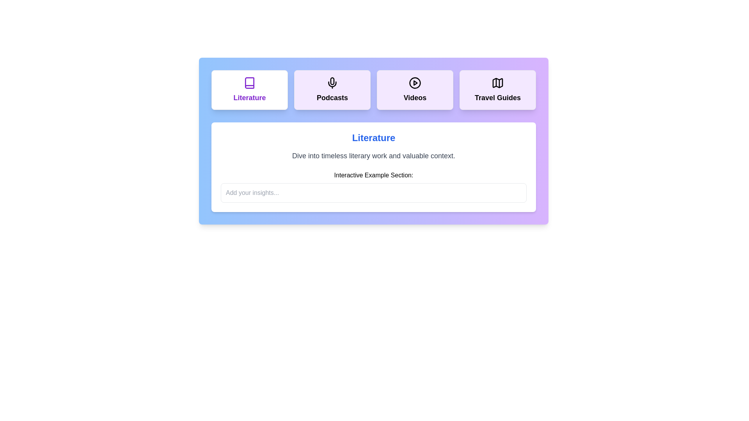 The image size is (749, 421). What do you see at coordinates (249, 90) in the screenshot?
I see `the tab corresponding to Literature` at bounding box center [249, 90].